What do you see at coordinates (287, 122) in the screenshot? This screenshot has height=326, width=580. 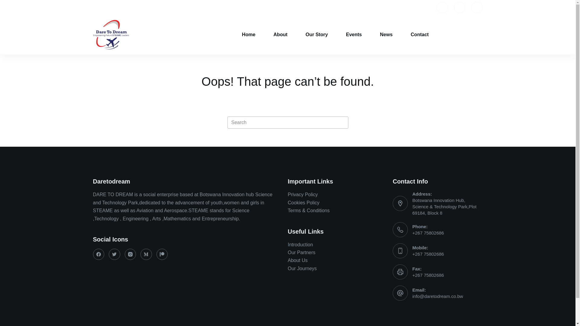 I see `'Search for...'` at bounding box center [287, 122].